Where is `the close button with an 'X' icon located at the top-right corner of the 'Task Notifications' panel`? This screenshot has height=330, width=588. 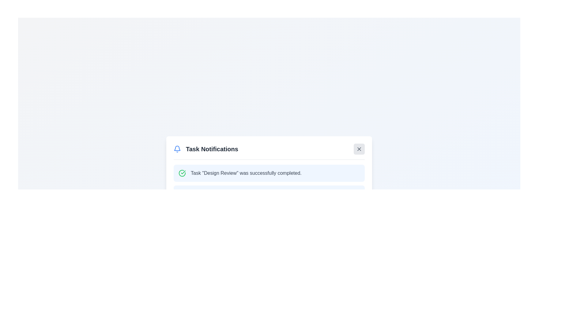 the close button with an 'X' icon located at the top-right corner of the 'Task Notifications' panel is located at coordinates (359, 149).